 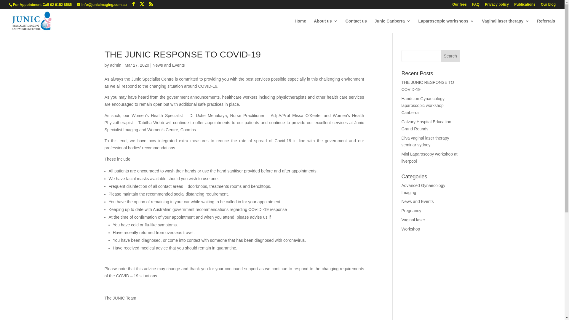 I want to click on 'Laparoscopic workshops', so click(x=446, y=25).